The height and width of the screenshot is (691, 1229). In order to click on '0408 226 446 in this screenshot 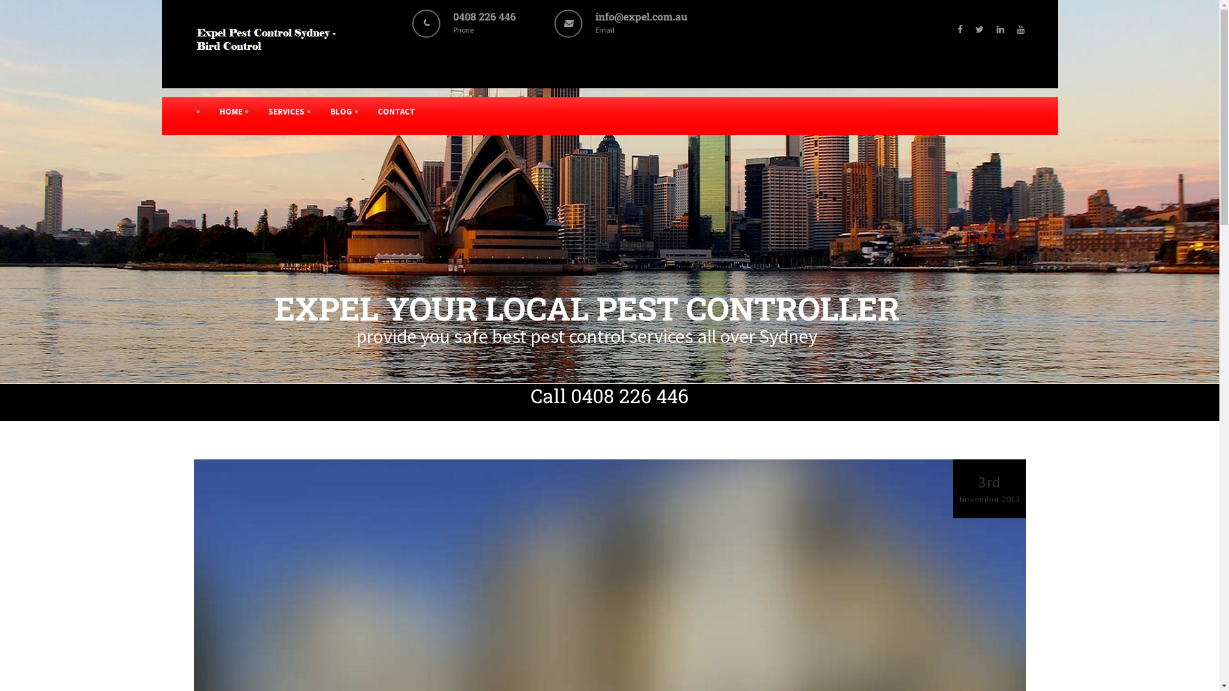, I will do `click(453, 29)`.